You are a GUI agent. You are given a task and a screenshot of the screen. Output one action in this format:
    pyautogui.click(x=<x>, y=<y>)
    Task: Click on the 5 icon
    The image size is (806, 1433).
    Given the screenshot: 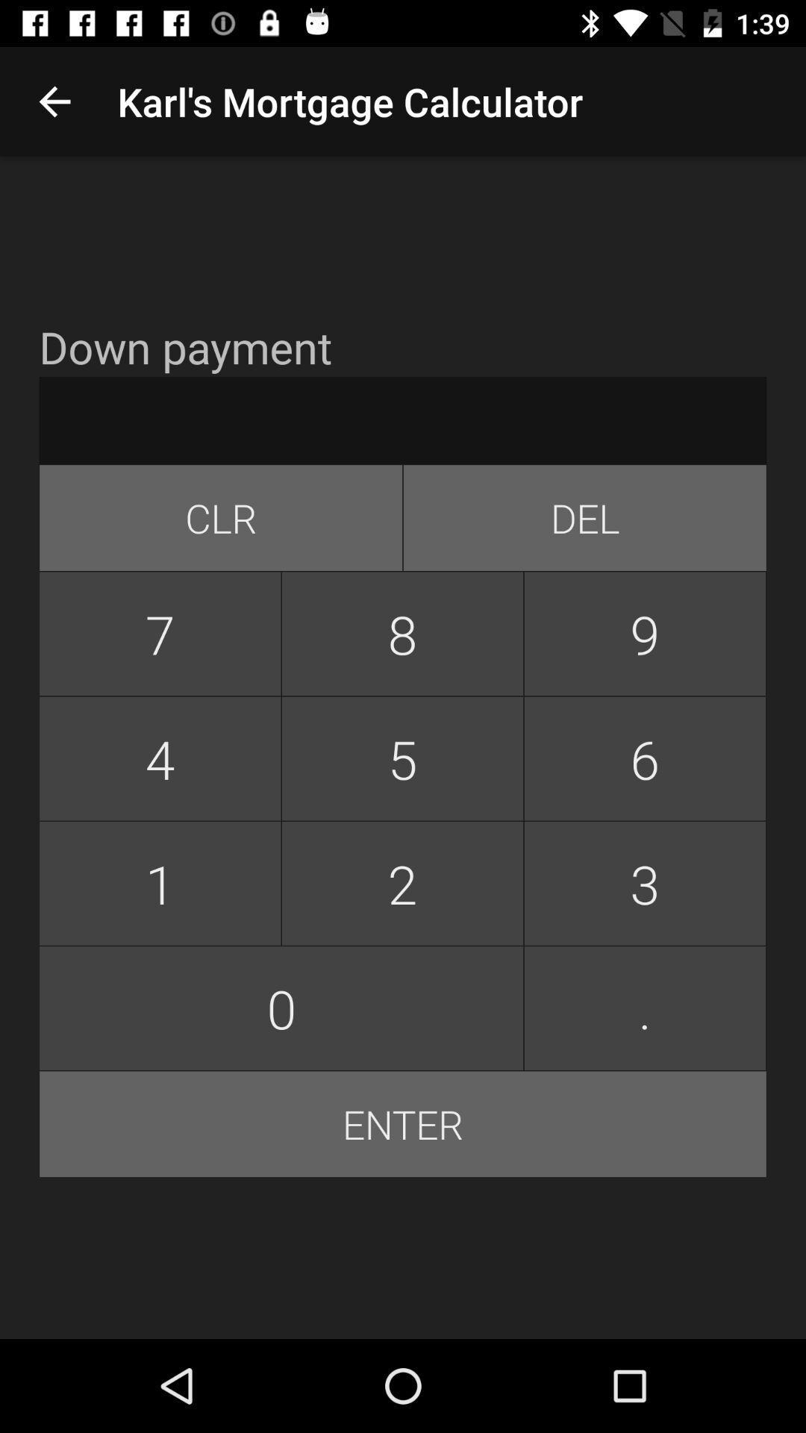 What is the action you would take?
    pyautogui.click(x=402, y=758)
    